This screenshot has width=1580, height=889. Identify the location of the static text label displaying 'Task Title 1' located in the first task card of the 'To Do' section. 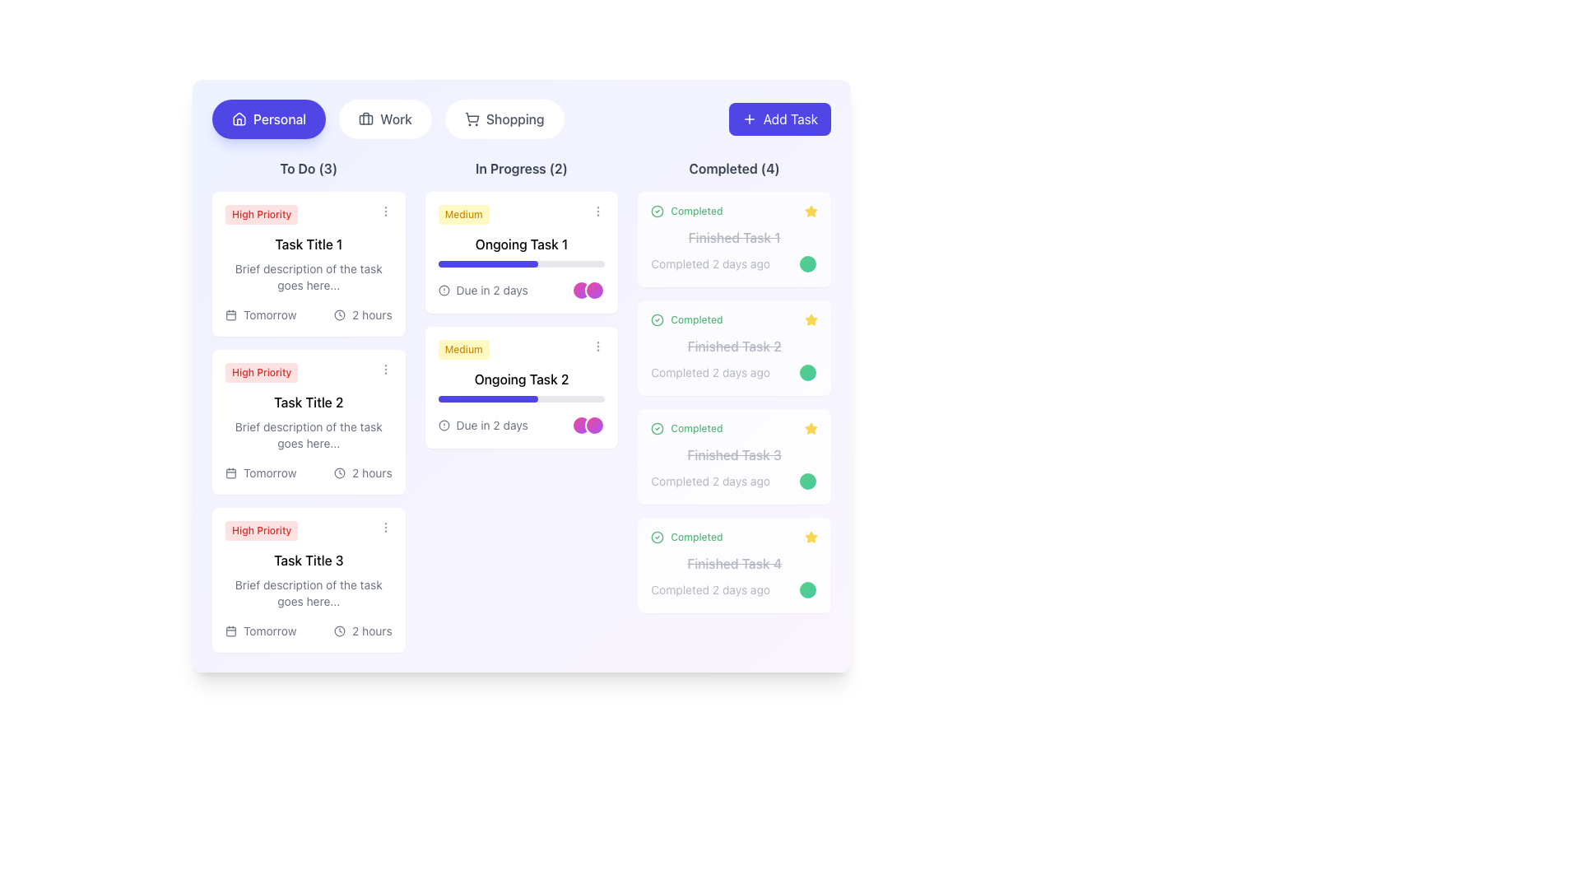
(309, 244).